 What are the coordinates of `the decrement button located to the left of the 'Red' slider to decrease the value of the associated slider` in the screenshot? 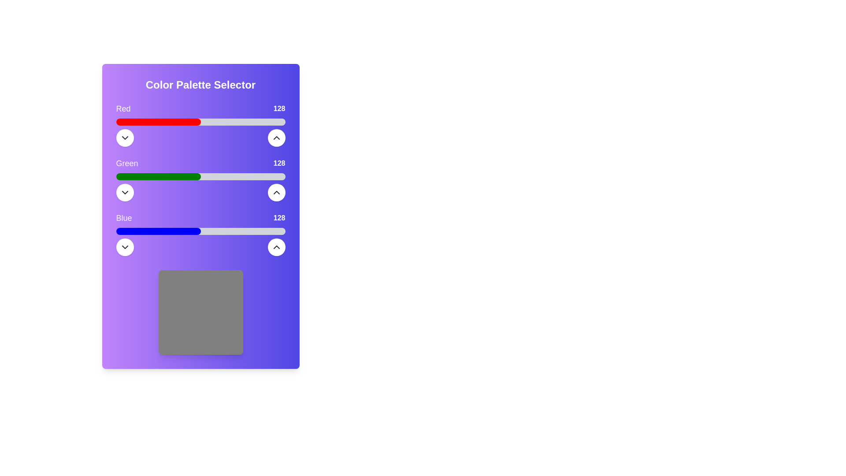 It's located at (124, 138).